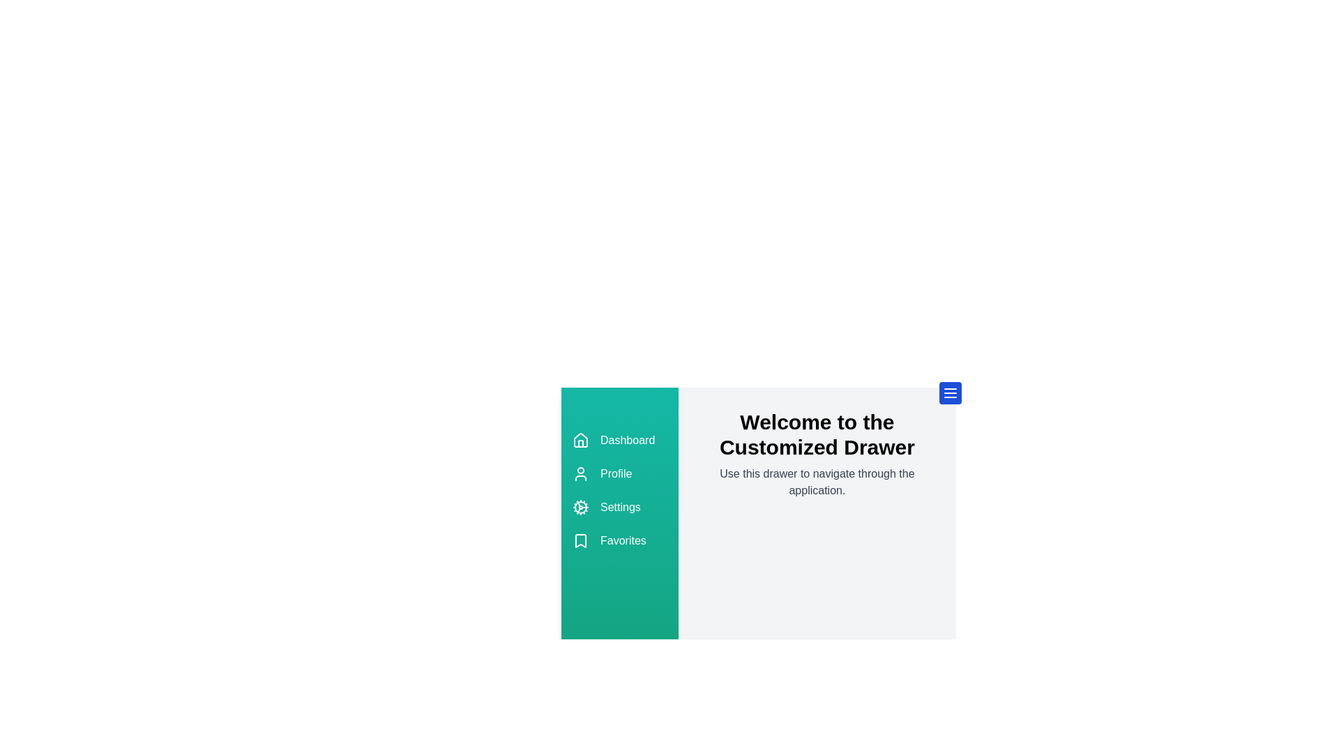 This screenshot has height=753, width=1339. What do you see at coordinates (619, 473) in the screenshot?
I see `the 'Profile' option in the drawer menu` at bounding box center [619, 473].